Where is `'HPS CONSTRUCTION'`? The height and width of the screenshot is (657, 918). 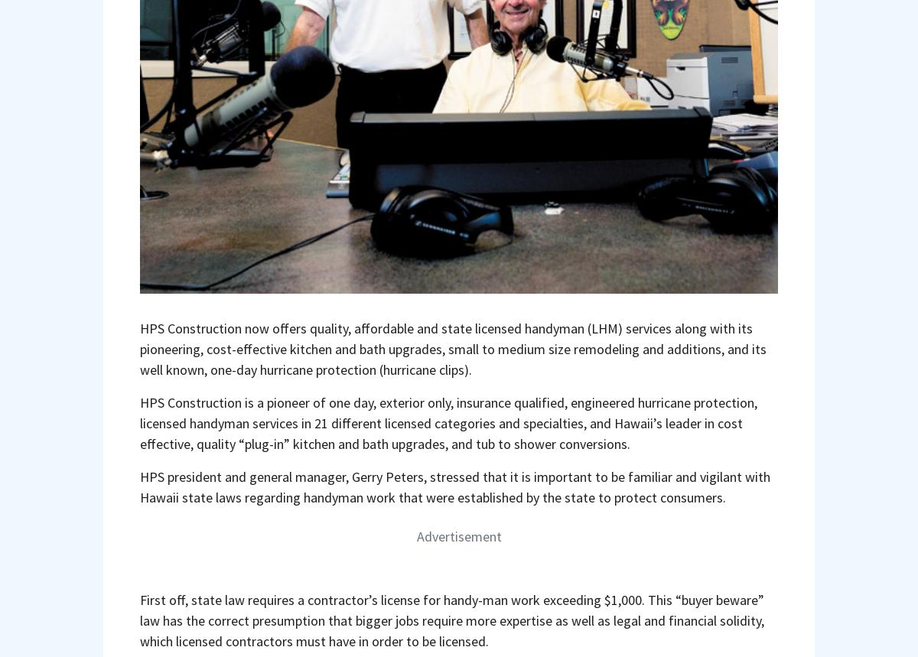
'HPS CONSTRUCTION' is located at coordinates (139, 107).